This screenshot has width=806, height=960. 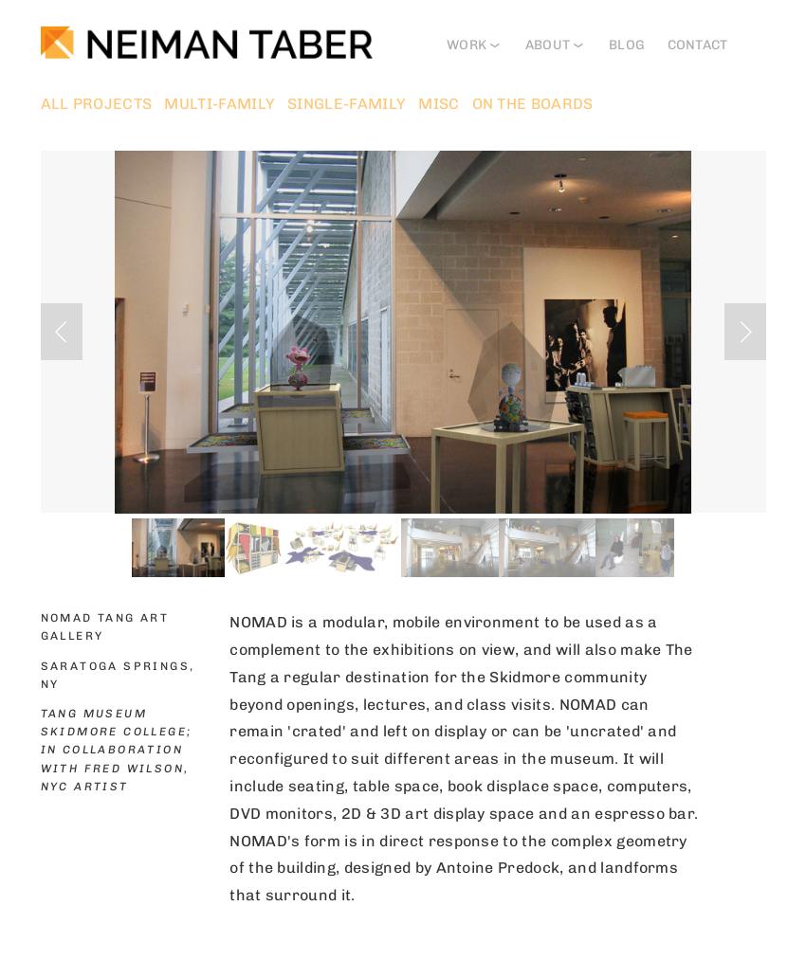 What do you see at coordinates (466, 44) in the screenshot?
I see `'WORK'` at bounding box center [466, 44].